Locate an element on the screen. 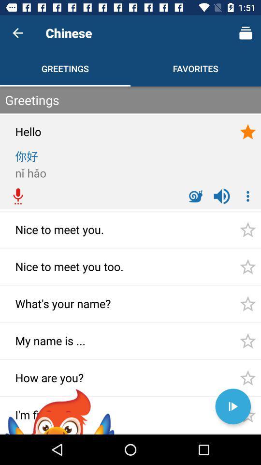 This screenshot has width=261, height=465. the button next to sound button is located at coordinates (248, 196).